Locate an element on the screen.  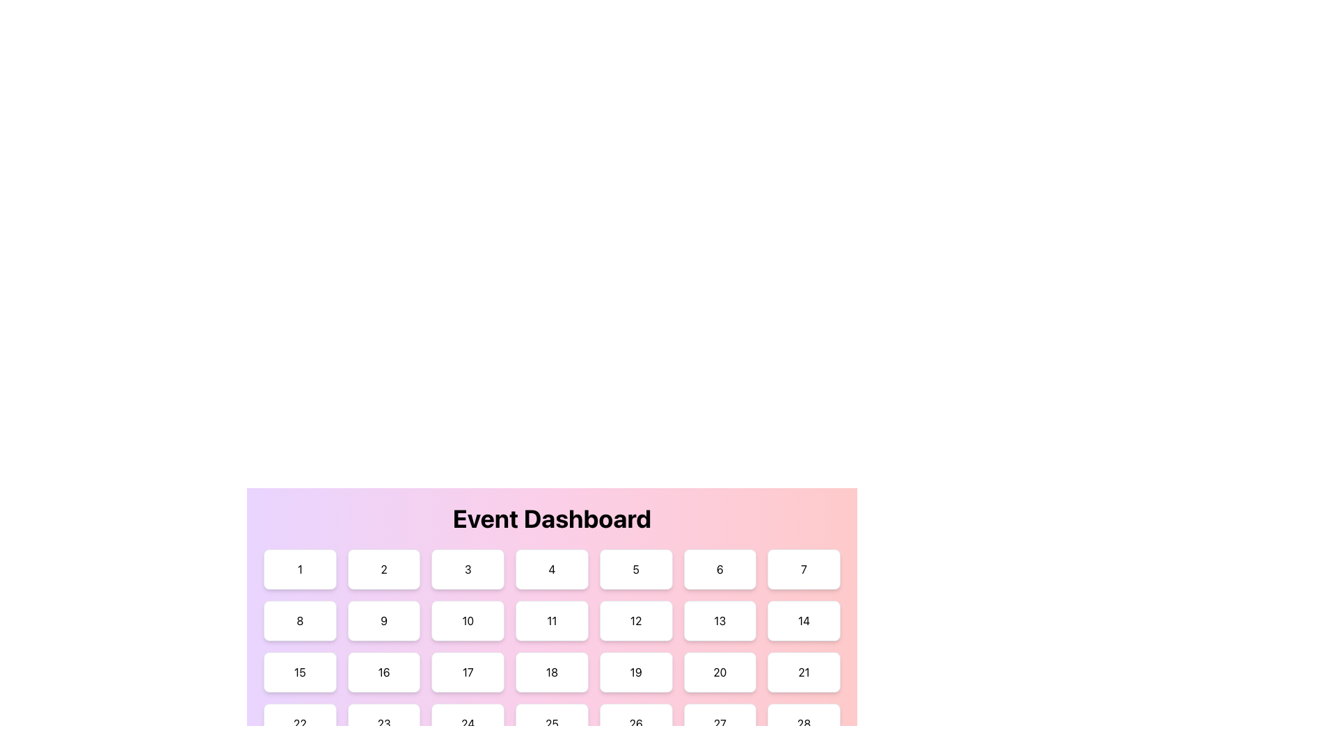
the button displaying the number '23' located in the fourth row, second column of the grid below the 'Event Dashboard' header is located at coordinates (384, 723).